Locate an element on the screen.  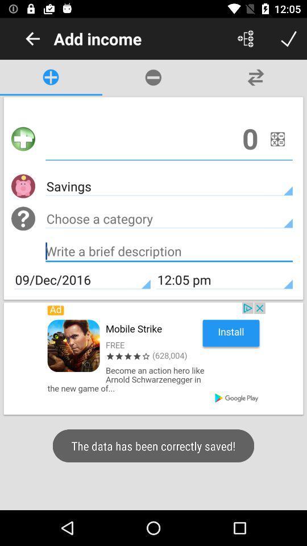
an income amount is located at coordinates (168, 138).